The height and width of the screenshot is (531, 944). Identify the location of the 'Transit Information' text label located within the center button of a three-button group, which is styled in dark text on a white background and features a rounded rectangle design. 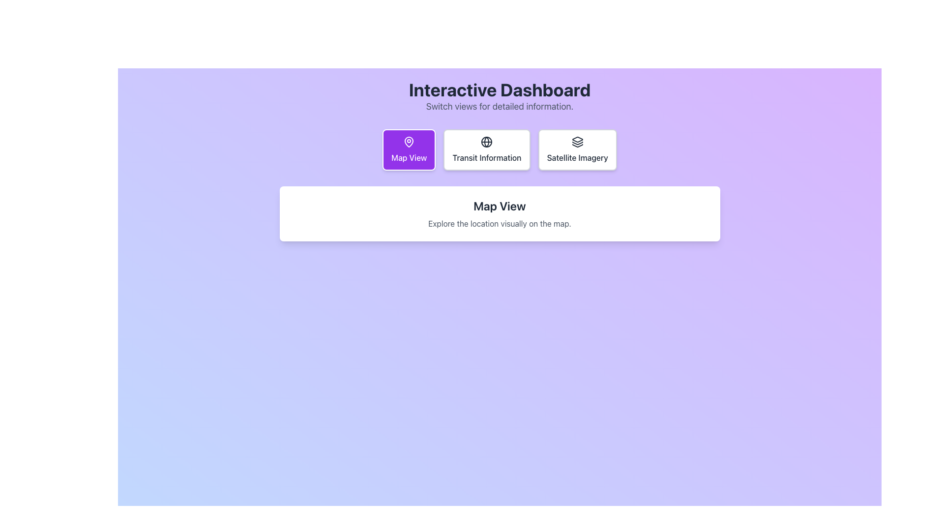
(487, 157).